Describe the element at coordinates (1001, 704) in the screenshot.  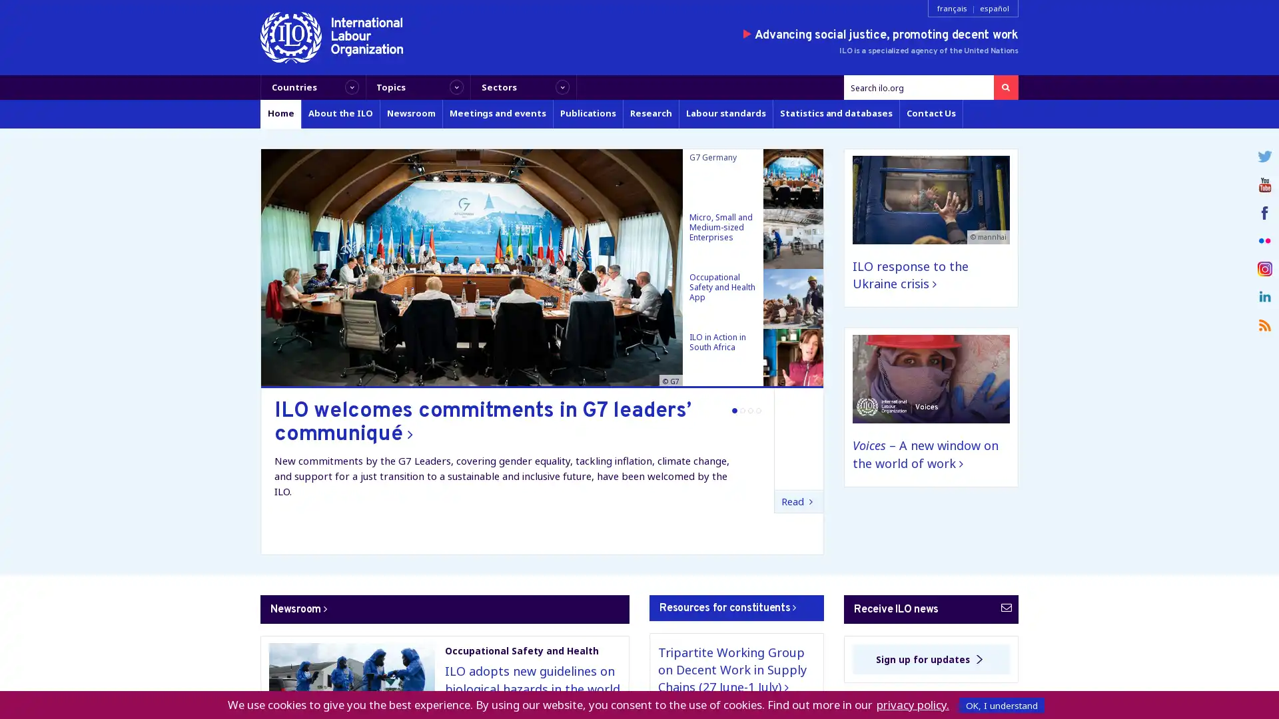
I see `OK, I understand` at that location.